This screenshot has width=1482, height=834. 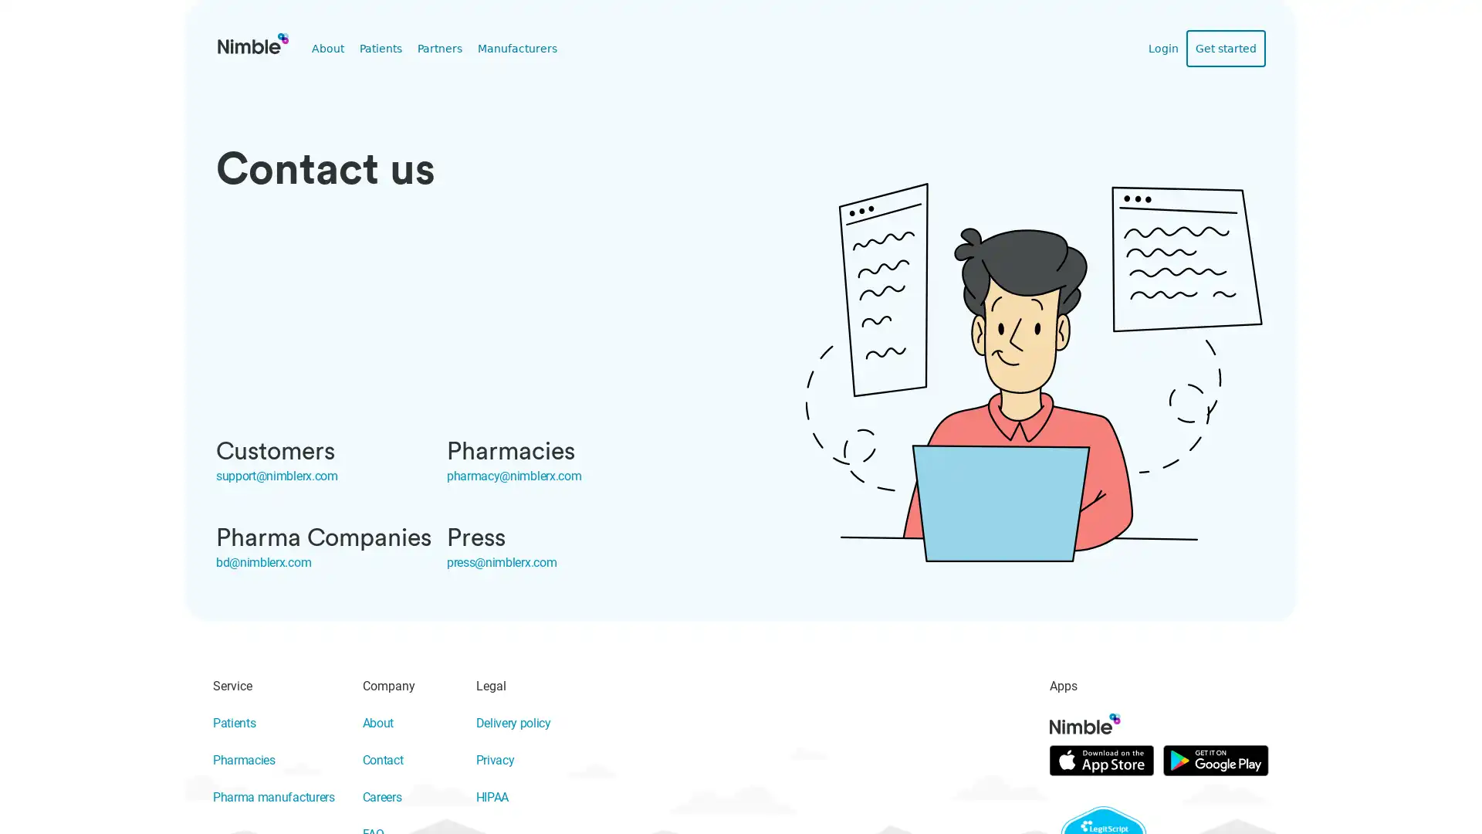 I want to click on Patients, so click(x=377, y=46).